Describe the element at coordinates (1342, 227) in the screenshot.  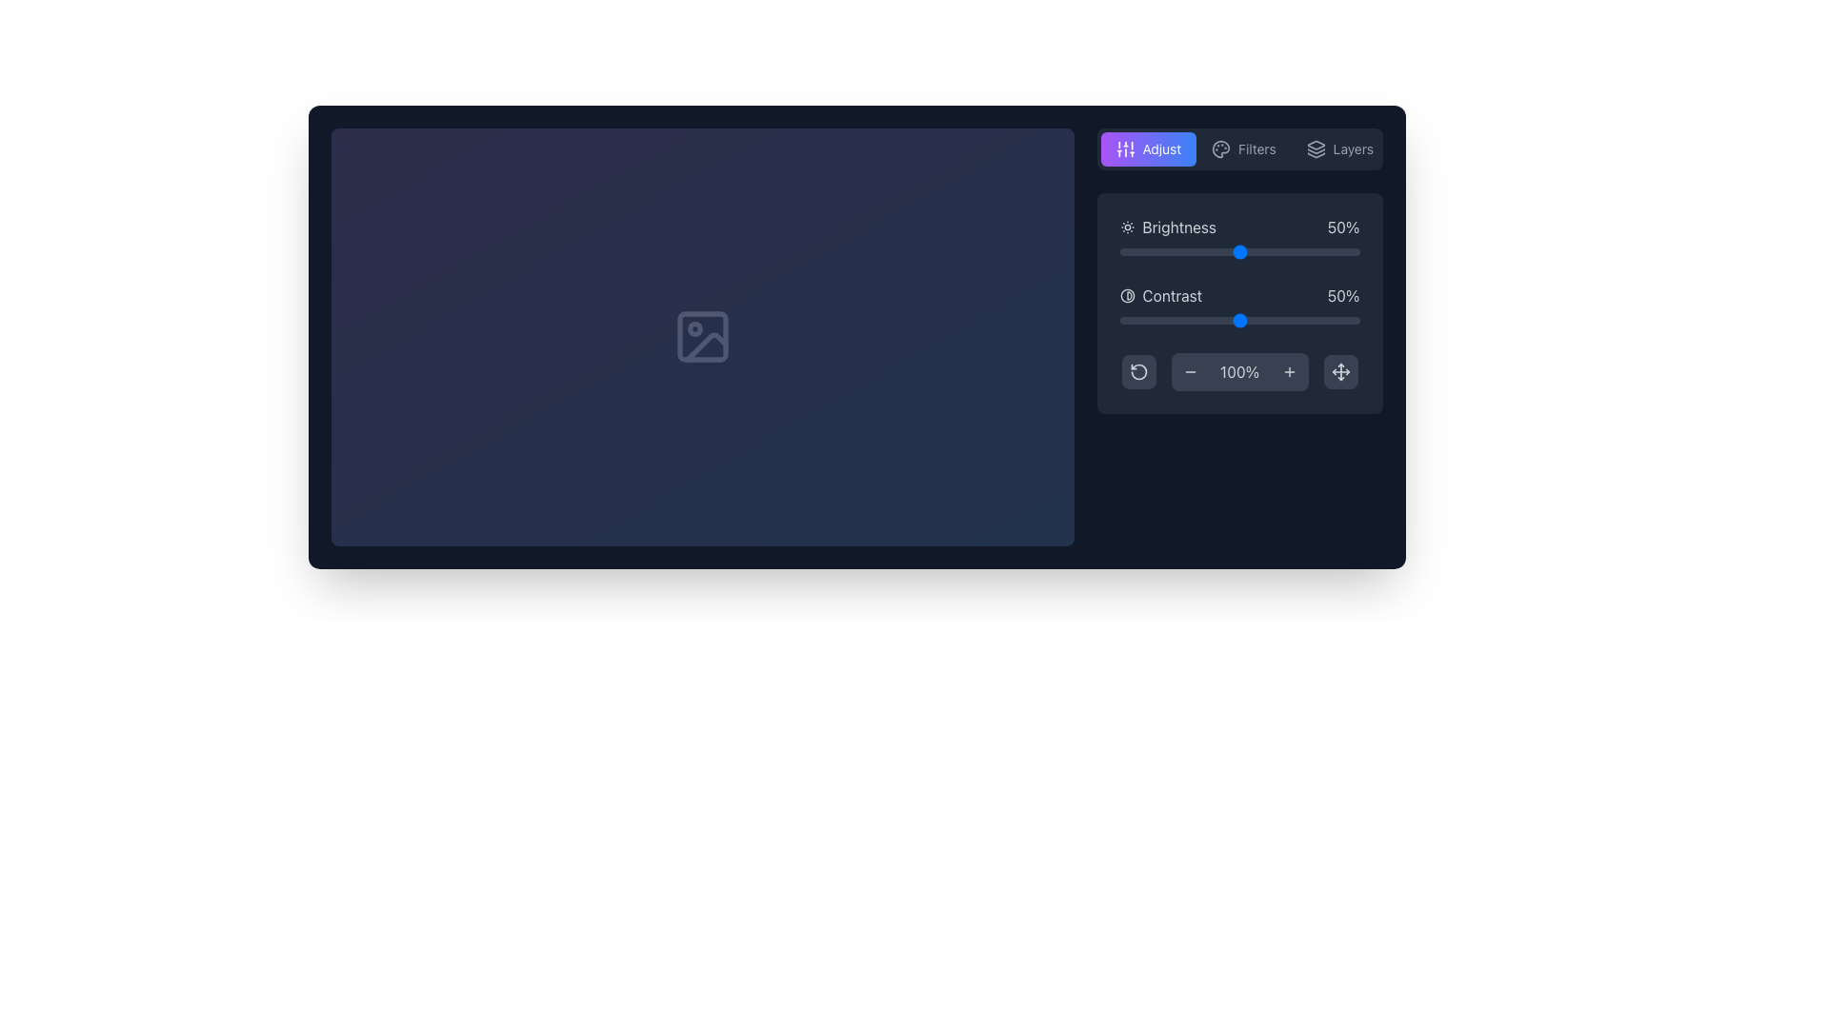
I see `the label displaying '50%' in white font against a dark background, located on the right side of the interface near the top of the 'Brightness' slider` at that location.